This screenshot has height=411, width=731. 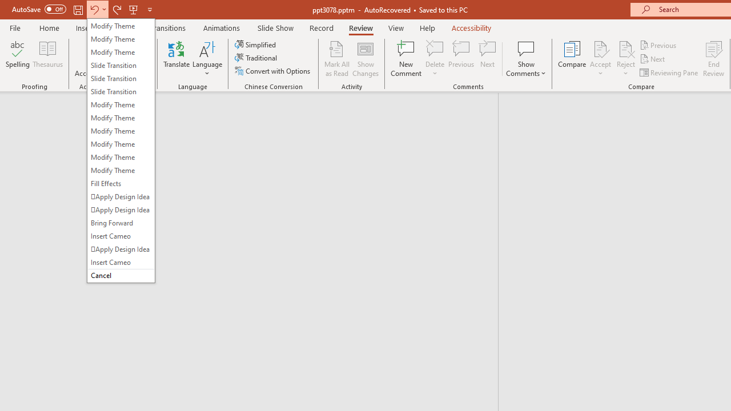 I want to click on 'Delete', so click(x=435, y=59).